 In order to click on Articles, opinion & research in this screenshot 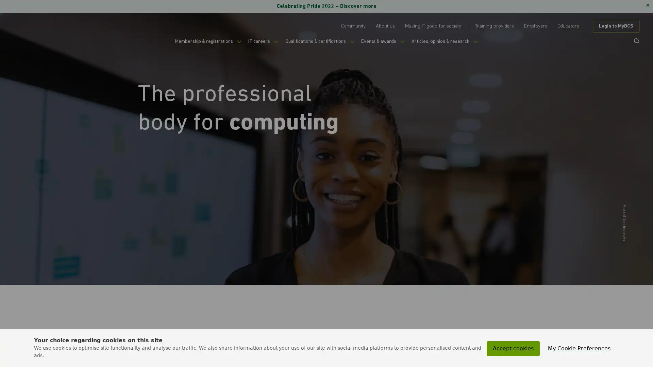, I will do `click(457, 45)`.